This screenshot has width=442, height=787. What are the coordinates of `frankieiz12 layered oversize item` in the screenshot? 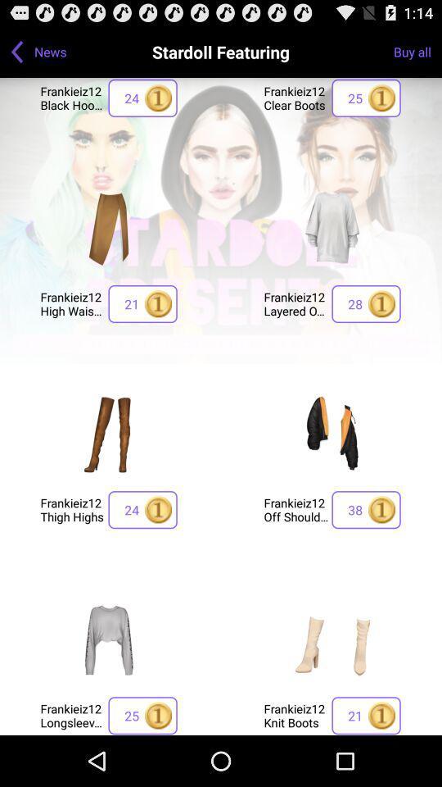 It's located at (295, 303).